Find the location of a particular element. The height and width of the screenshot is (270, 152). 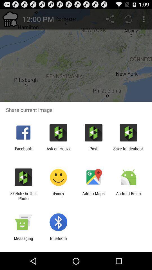

app next to ifunny icon is located at coordinates (23, 196).